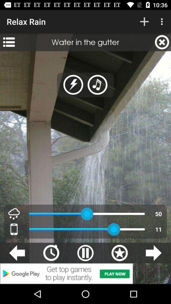  What do you see at coordinates (153, 253) in the screenshot?
I see `the arrow_forward icon` at bounding box center [153, 253].